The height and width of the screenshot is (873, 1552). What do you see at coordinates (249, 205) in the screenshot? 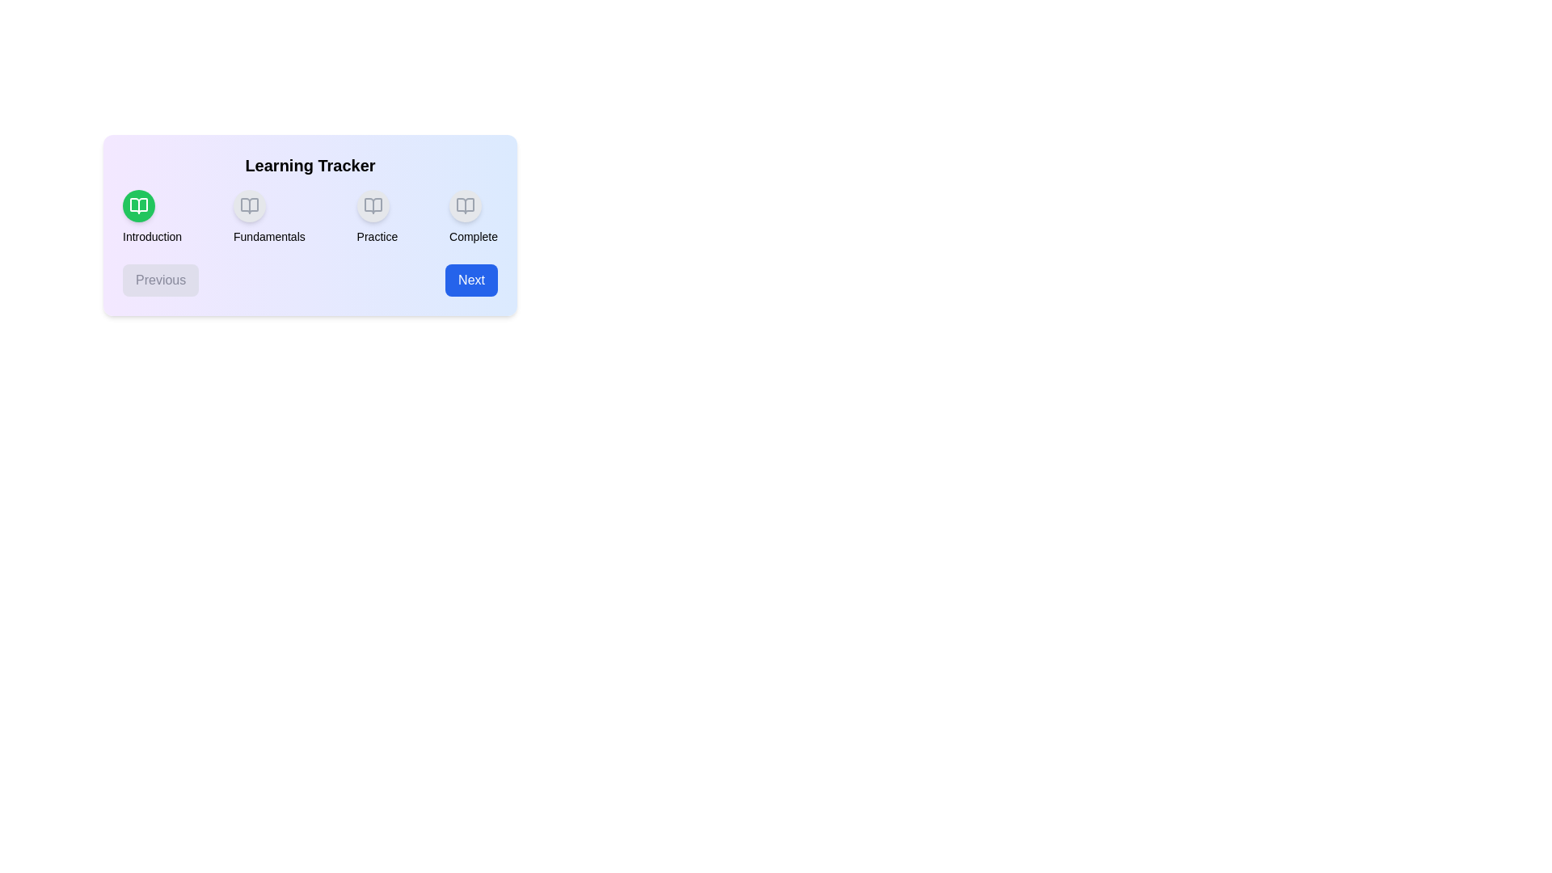
I see `the open book icon located under the 'Learning Tracker' header` at bounding box center [249, 205].